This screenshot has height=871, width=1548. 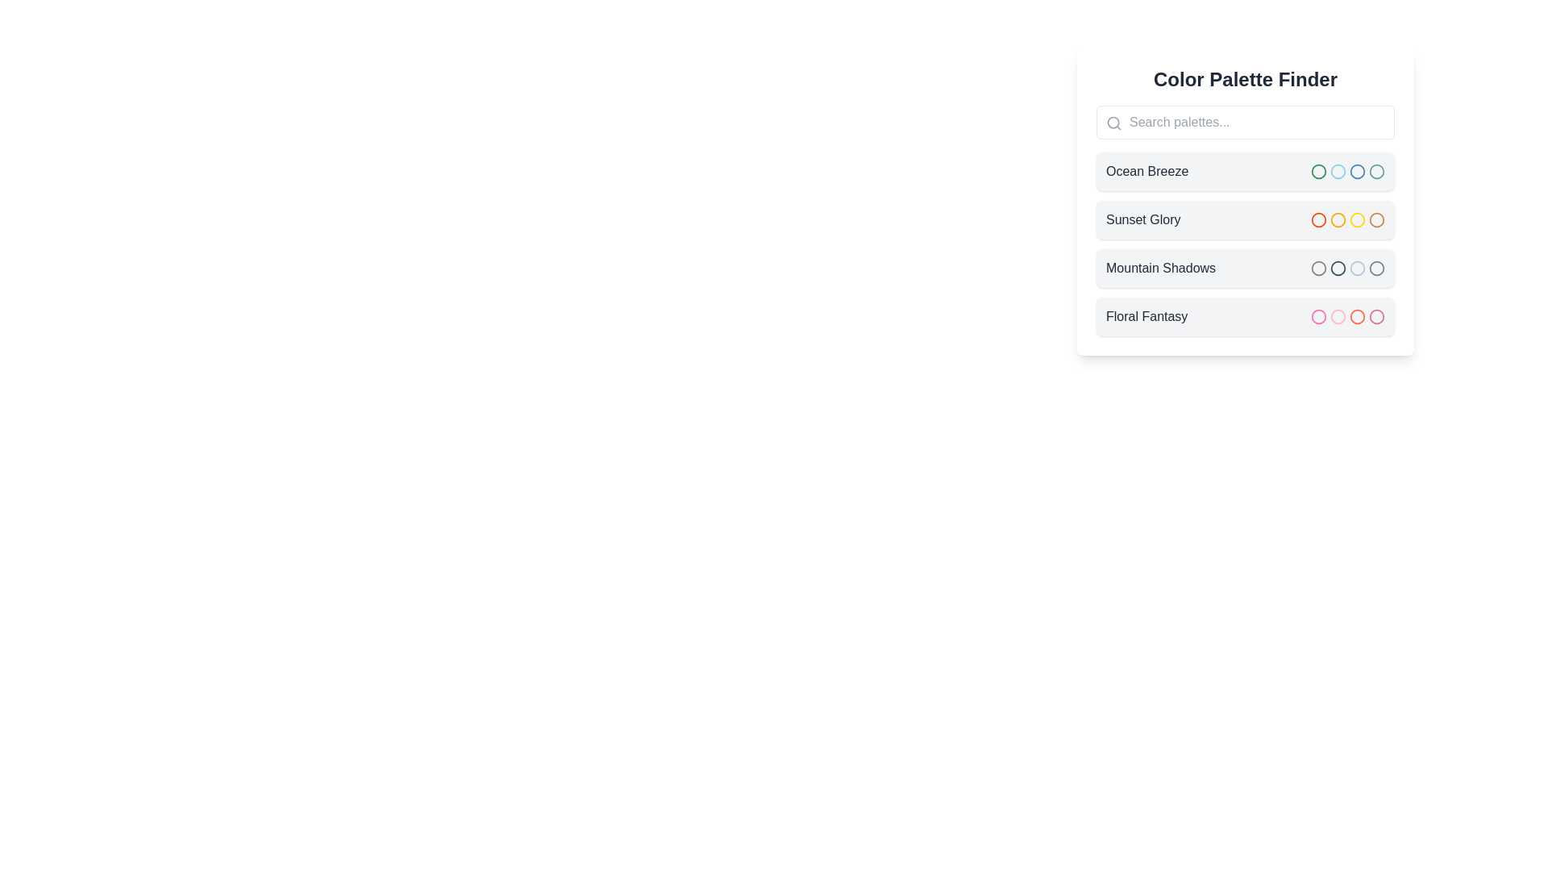 What do you see at coordinates (1319, 267) in the screenshot?
I see `the first circular color option in the 'Mountain Shadows' color palette, which represents a selection or category indicator` at bounding box center [1319, 267].